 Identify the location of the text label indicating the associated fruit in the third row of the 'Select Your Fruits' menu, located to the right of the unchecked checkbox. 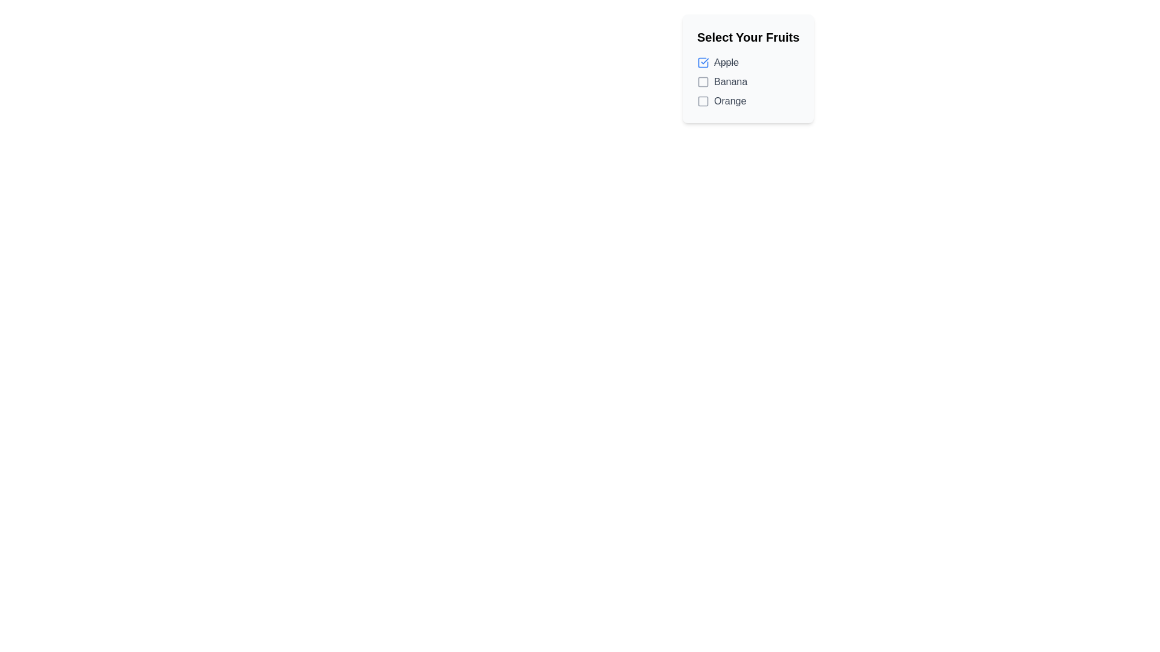
(729, 101).